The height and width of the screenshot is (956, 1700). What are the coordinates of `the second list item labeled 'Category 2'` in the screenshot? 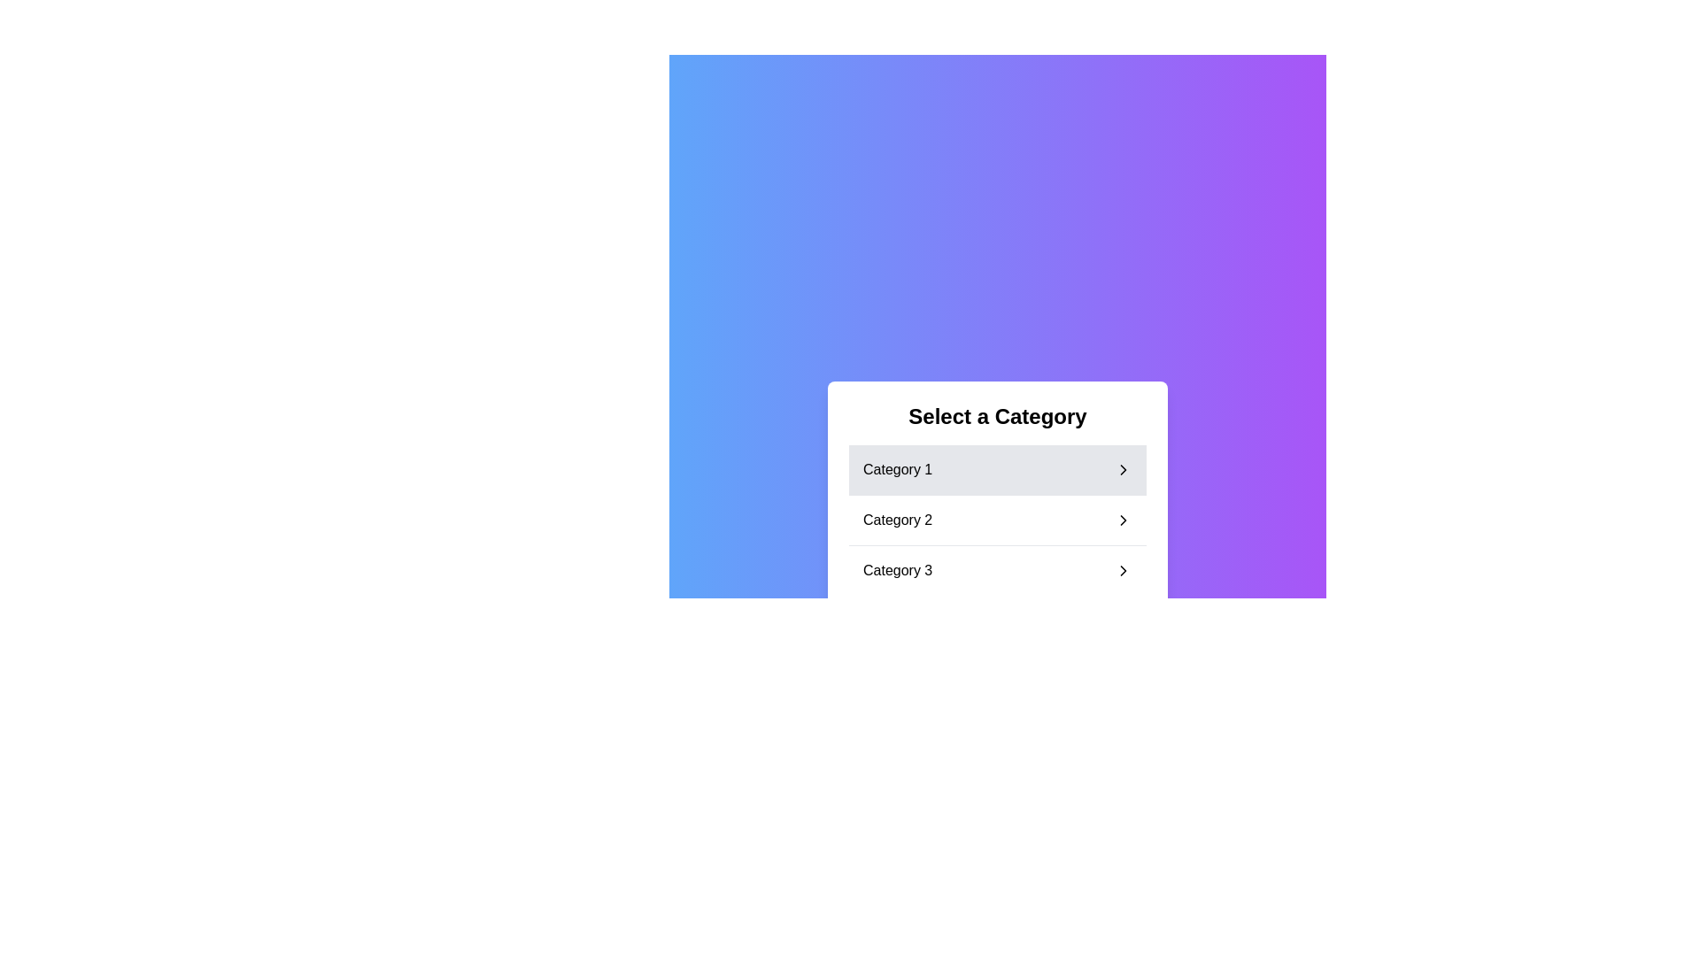 It's located at (998, 518).